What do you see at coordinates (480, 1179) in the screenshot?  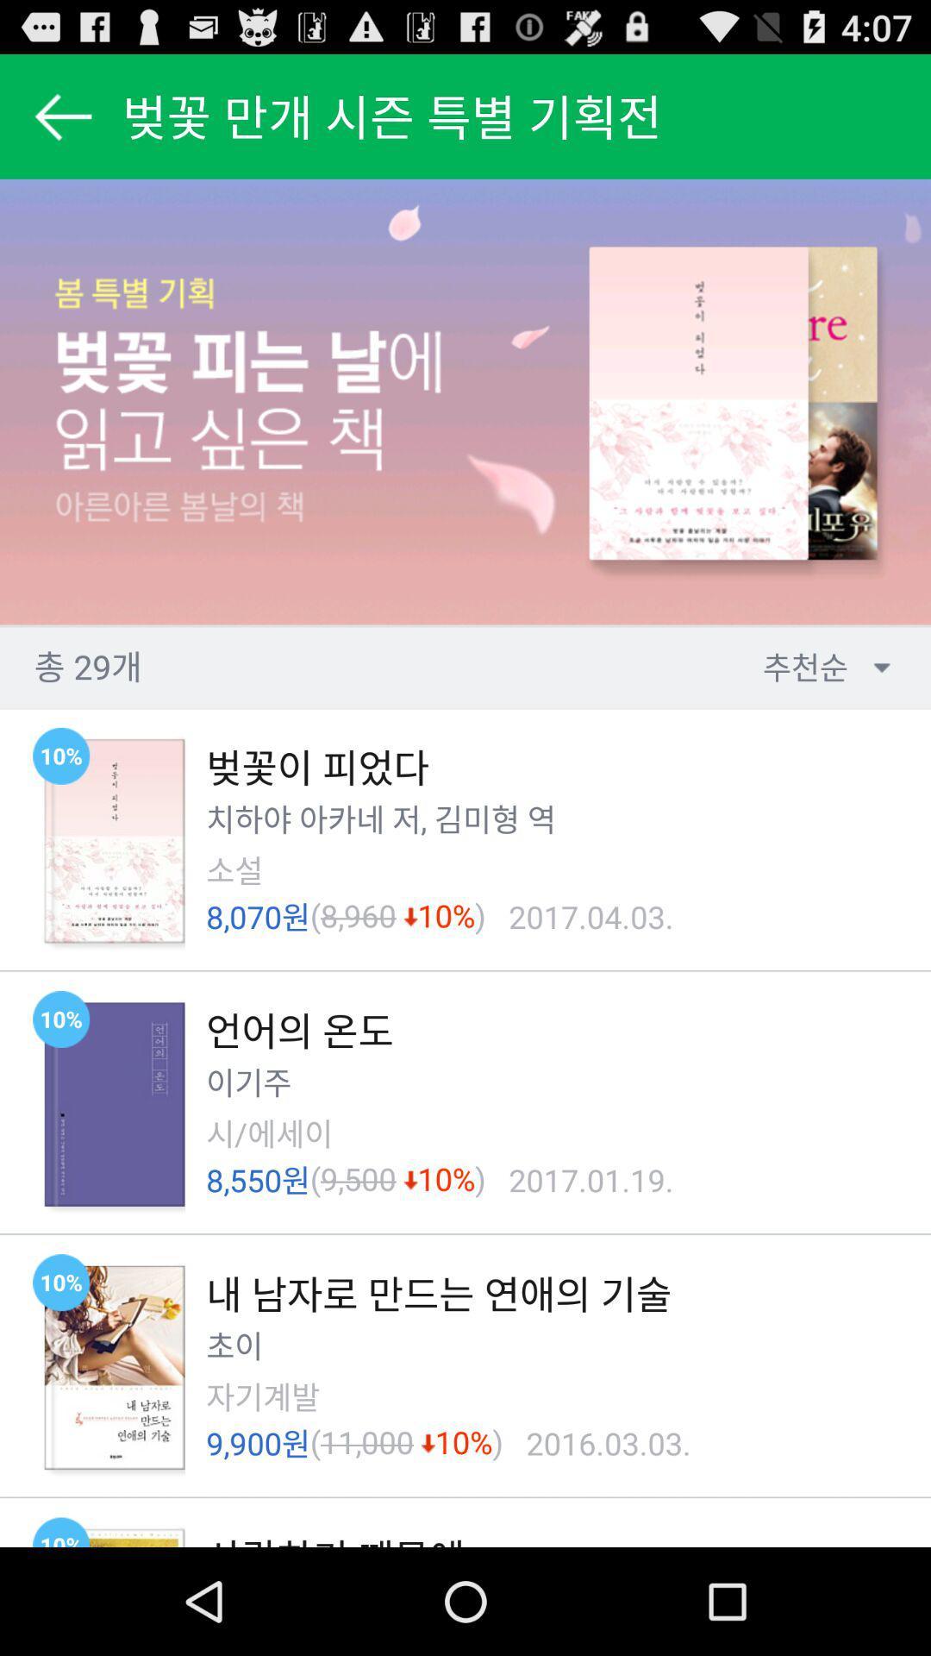 I see `app next to the 2017.01.19. icon` at bounding box center [480, 1179].